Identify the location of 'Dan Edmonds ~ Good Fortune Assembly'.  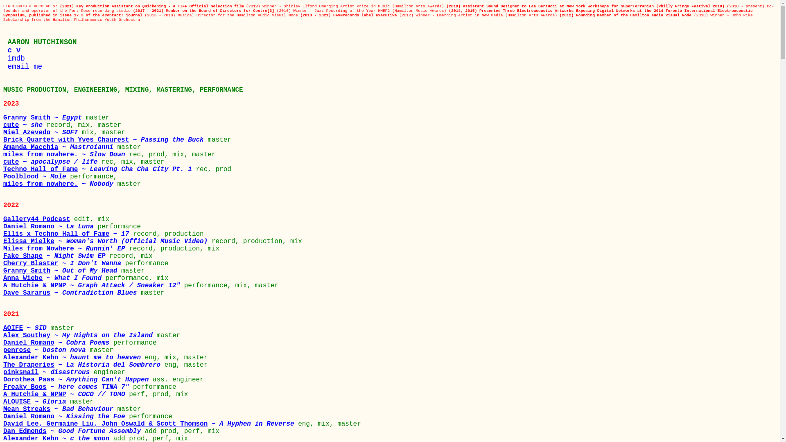
(74, 431).